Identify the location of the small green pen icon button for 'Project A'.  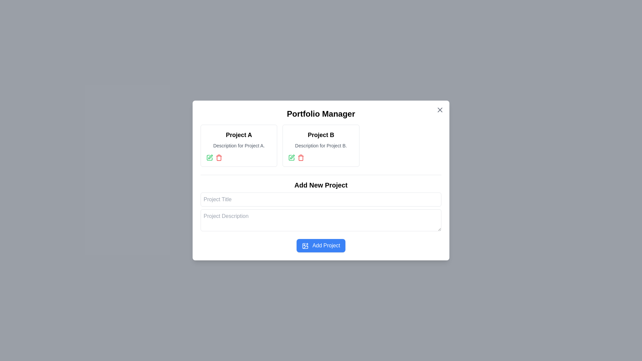
(209, 157).